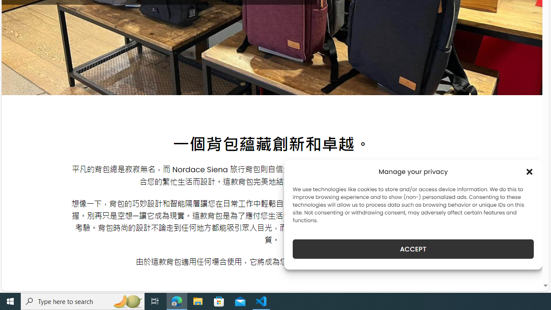  What do you see at coordinates (529, 171) in the screenshot?
I see `'Class: cmplz-close'` at bounding box center [529, 171].